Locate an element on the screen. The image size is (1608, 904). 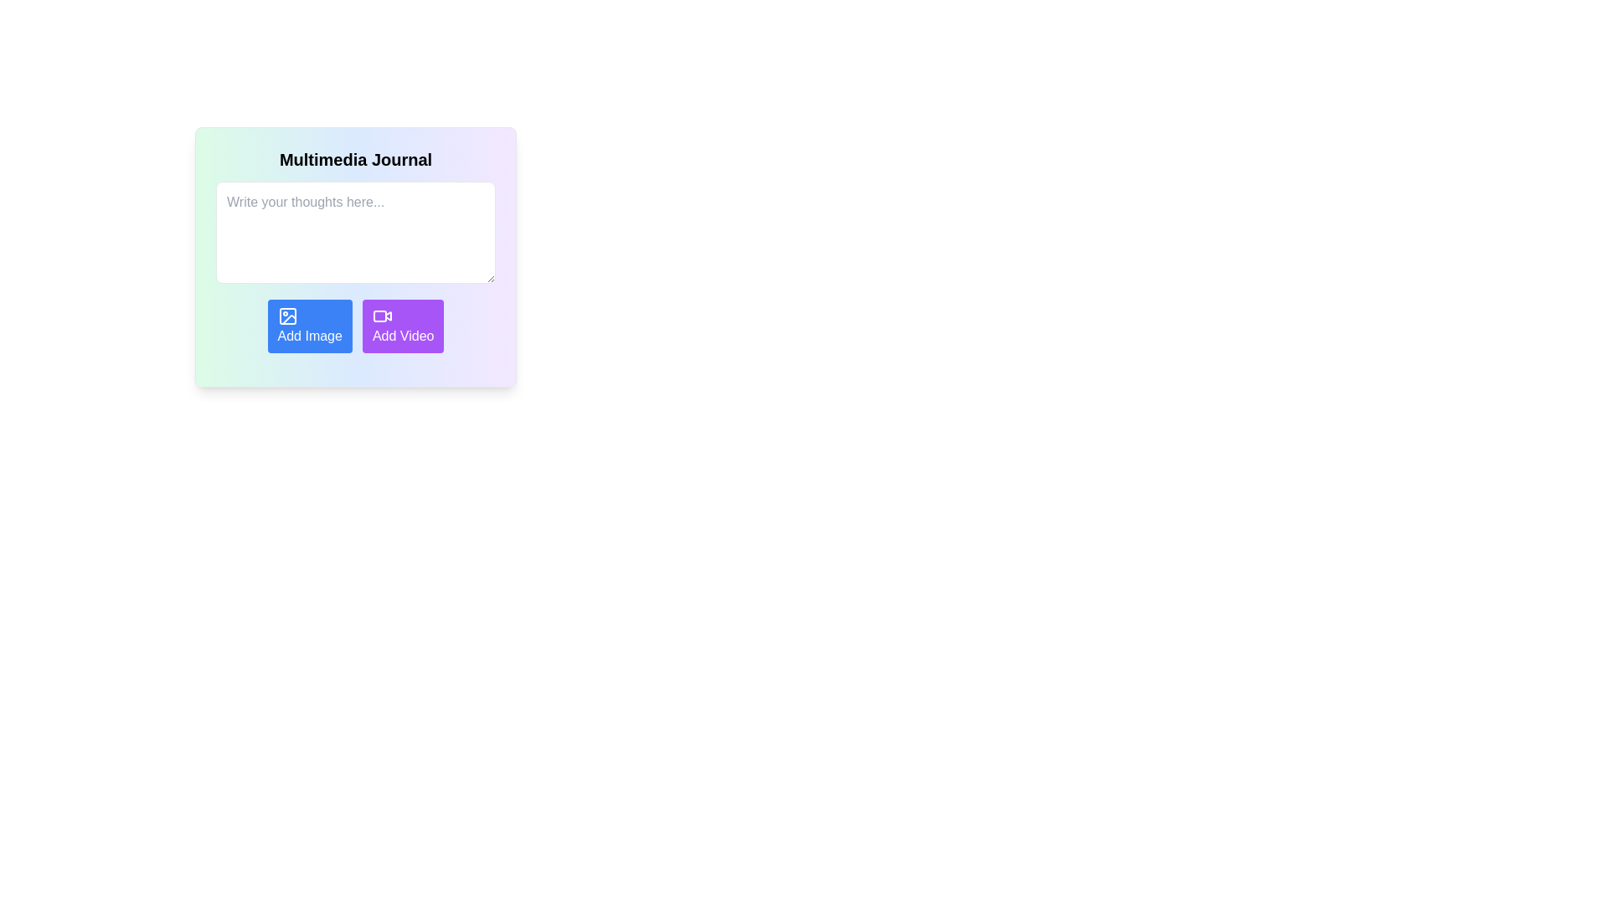
the SVG icon representing the 'Add Image' functionality within the button located below the textarea in the 'Multimedia Journal' widget is located at coordinates (287, 316).